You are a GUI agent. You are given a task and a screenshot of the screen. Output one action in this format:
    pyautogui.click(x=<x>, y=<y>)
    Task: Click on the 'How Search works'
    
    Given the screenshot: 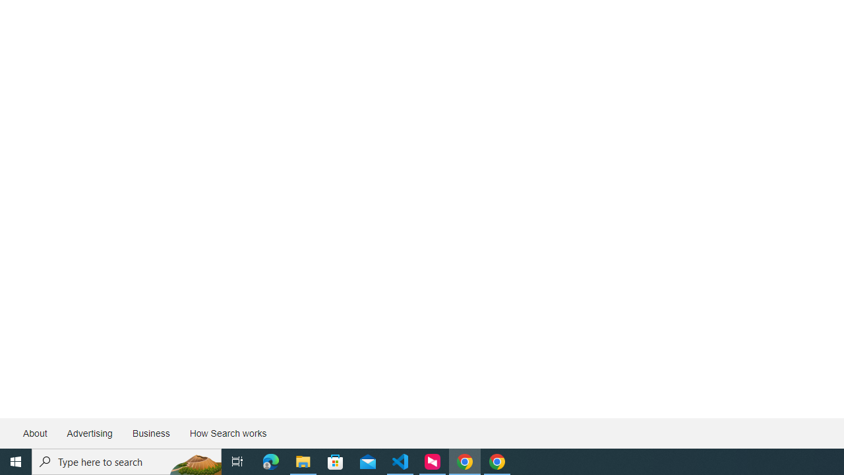 What is the action you would take?
    pyautogui.click(x=227, y=433)
    